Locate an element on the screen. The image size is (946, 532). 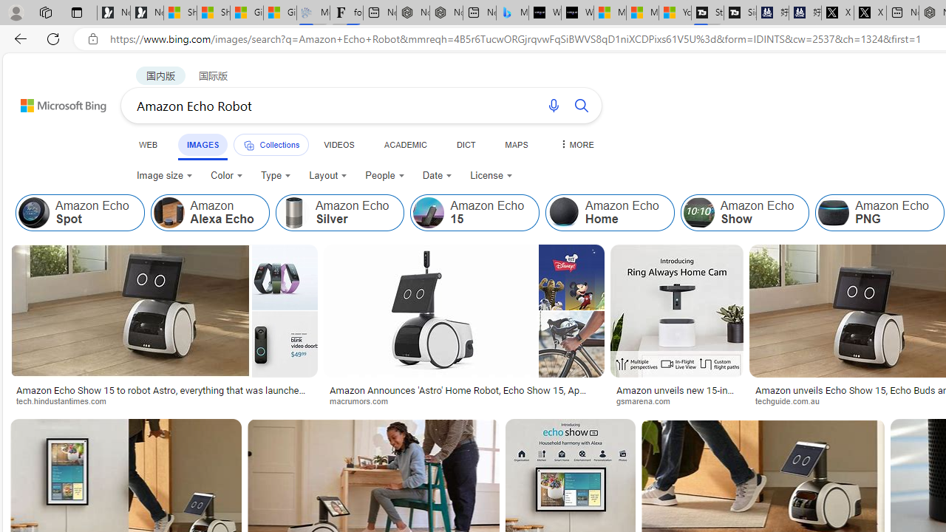
'Newsletter Sign Up' is located at coordinates (147, 13).